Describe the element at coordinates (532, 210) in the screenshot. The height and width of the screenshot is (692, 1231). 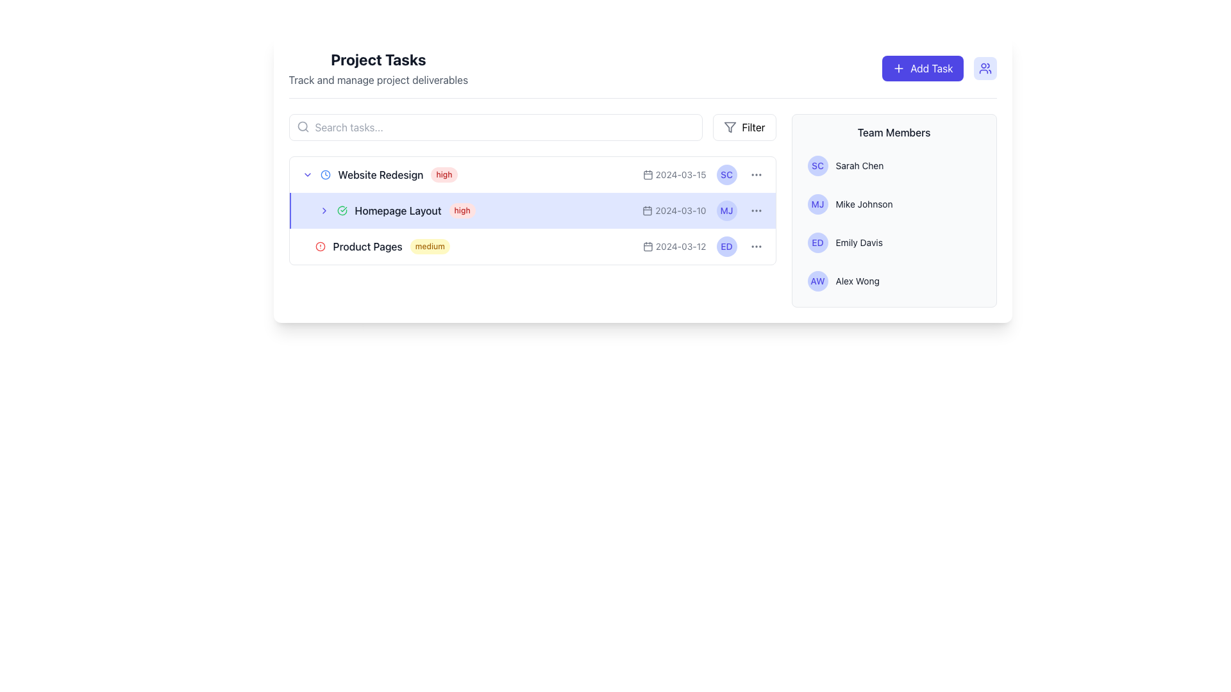
I see `the task list item labeled 'Homepage Layout'` at that location.